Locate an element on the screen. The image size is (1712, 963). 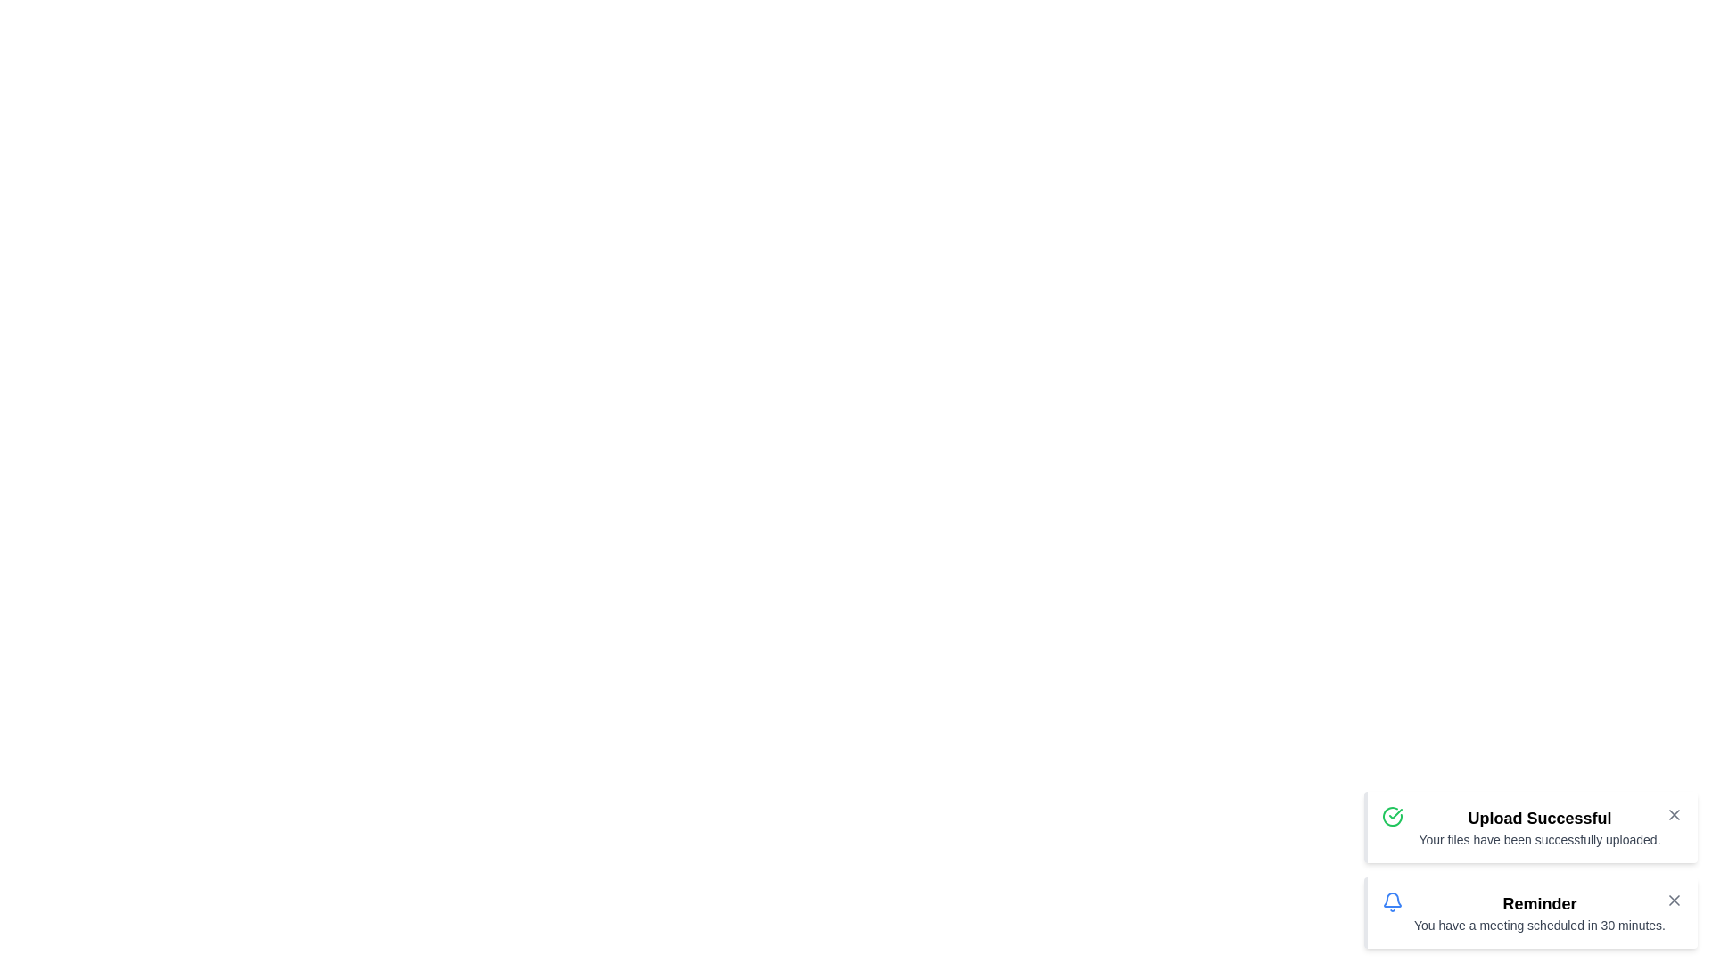
the notification list vertically by -161 pixels is located at coordinates (1529, 868).